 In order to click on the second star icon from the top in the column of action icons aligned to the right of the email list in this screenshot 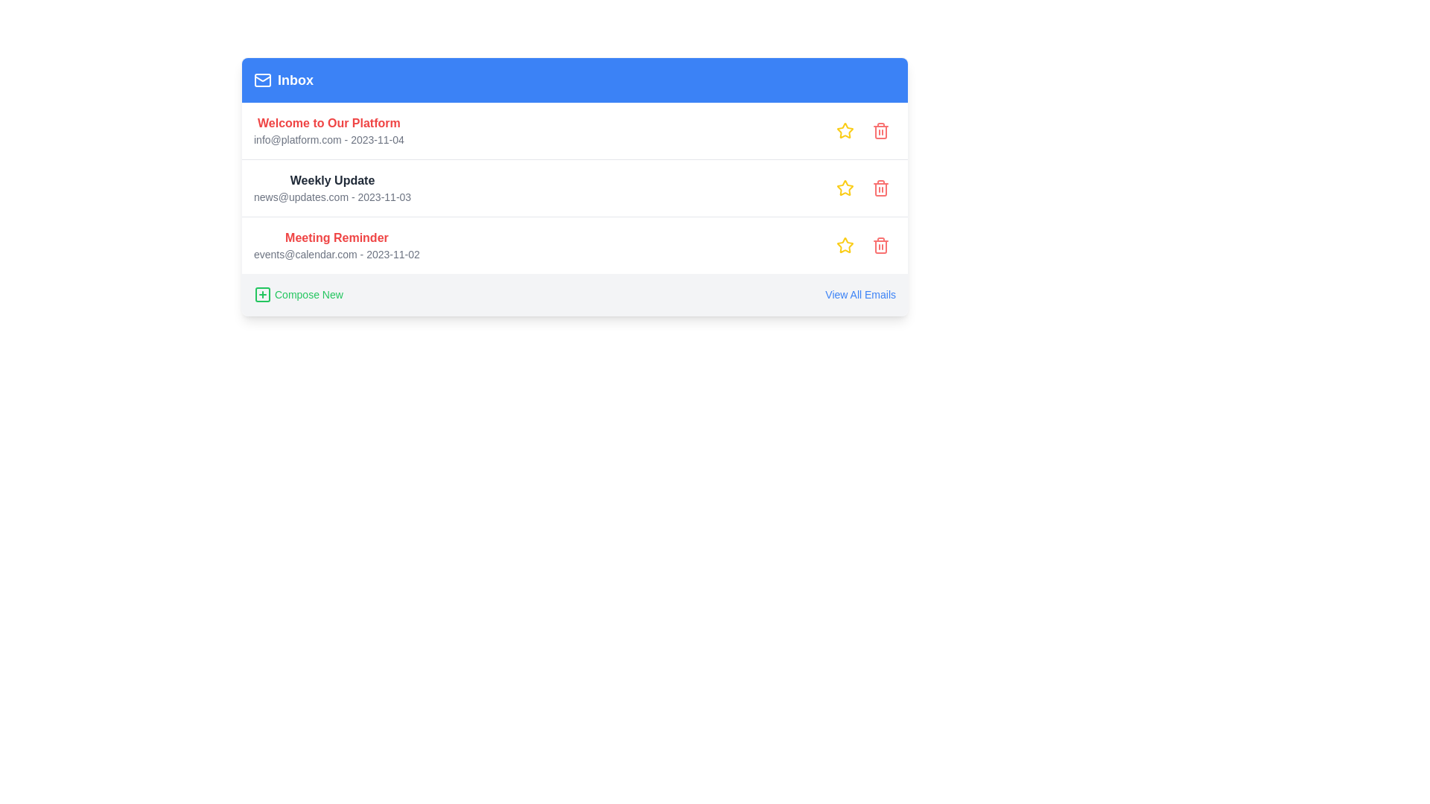, I will do `click(845, 244)`.